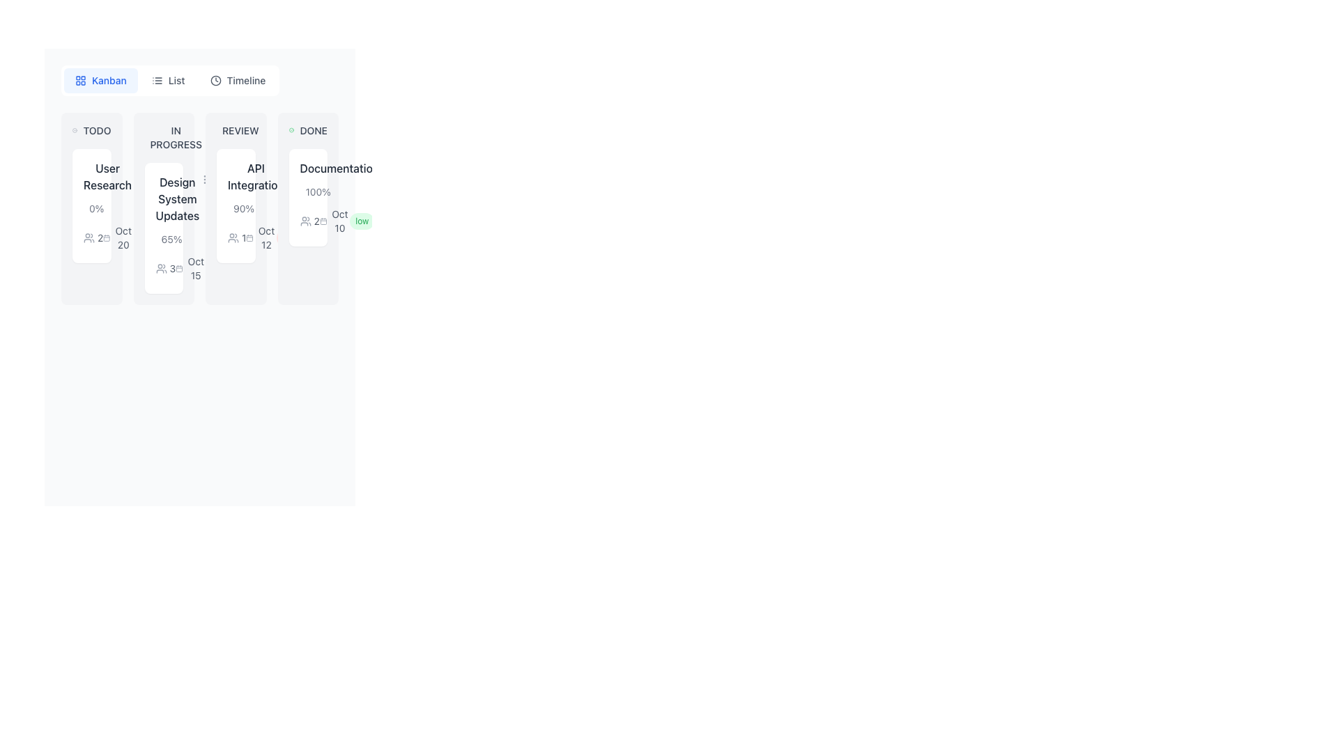 The width and height of the screenshot is (1338, 752). I want to click on the 'Kanban' button, which is a rectangular button with rounded corners, light blue background, and blue text, to switch views, so click(100, 80).